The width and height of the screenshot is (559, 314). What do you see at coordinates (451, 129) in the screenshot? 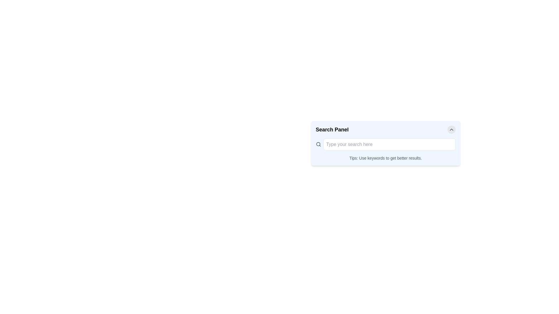
I see `the interactive button located at the top-right corner of the 'Search Panel', which is used to toggle or collapse the panel` at bounding box center [451, 129].